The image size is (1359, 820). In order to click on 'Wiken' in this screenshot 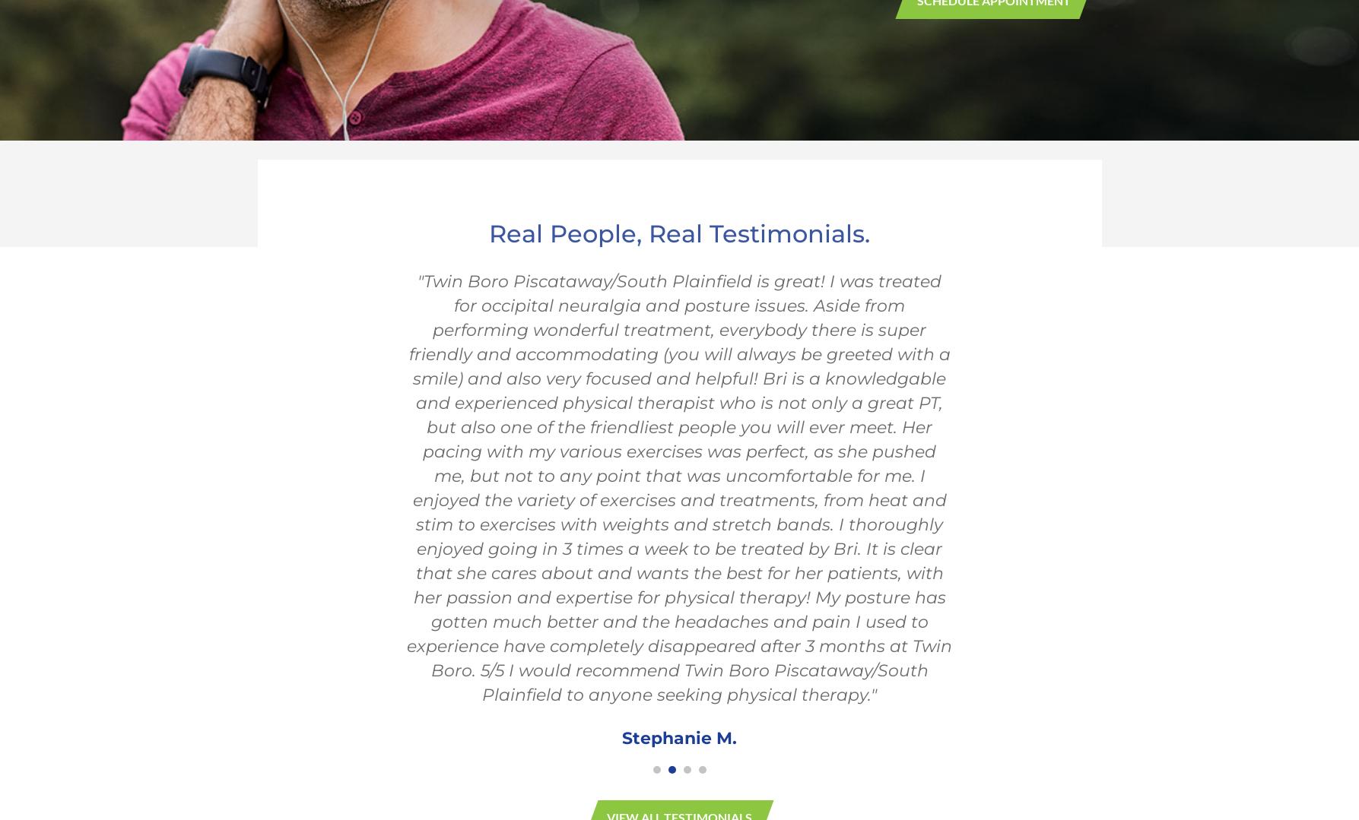, I will do `click(650, 420)`.